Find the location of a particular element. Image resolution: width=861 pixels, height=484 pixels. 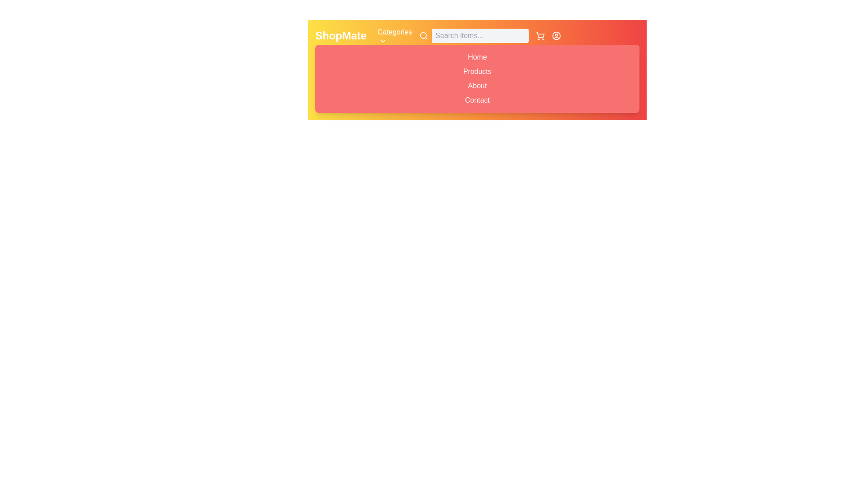

the shopping cart icon located in the horizontal navigation bar is located at coordinates (539, 35).